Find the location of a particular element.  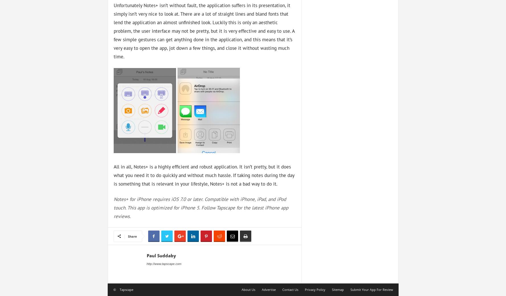

'Submit Your App For Review' is located at coordinates (350, 289).